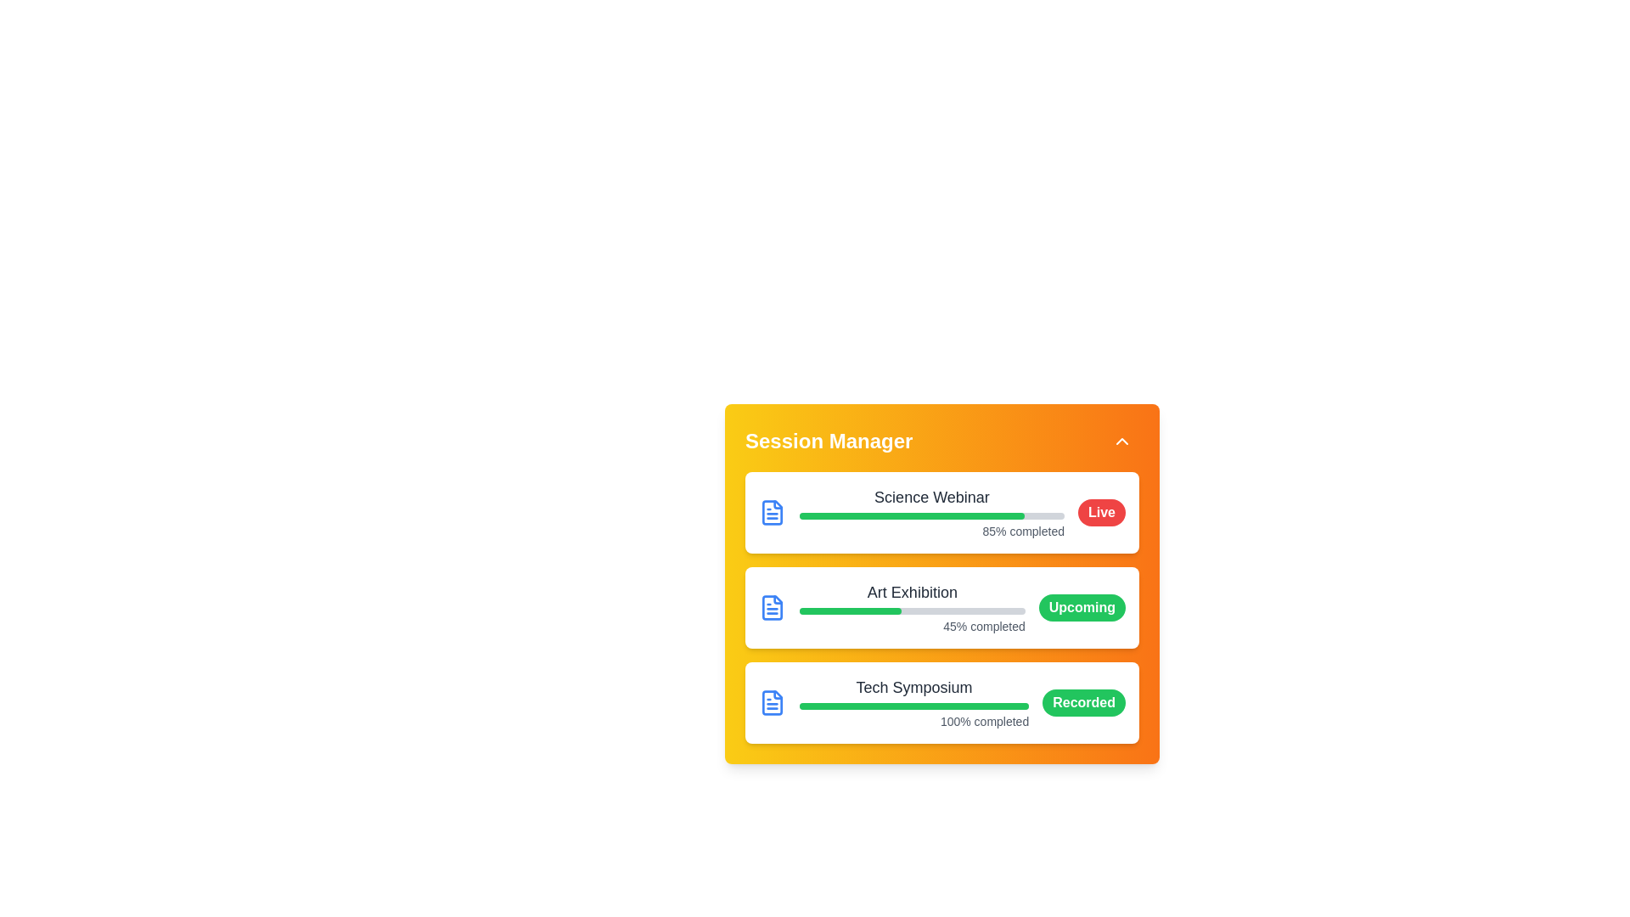 The width and height of the screenshot is (1630, 917). Describe the element at coordinates (772, 512) in the screenshot. I see `the document icon representing the 'Science Webinar' session, located at the left of the 'Science Webinar' block` at that location.